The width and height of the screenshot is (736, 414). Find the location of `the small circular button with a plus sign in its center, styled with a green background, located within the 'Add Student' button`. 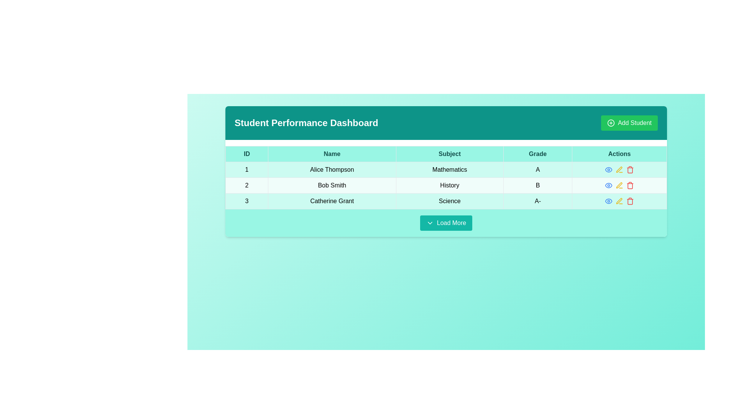

the small circular button with a plus sign in its center, styled with a green background, located within the 'Add Student' button is located at coordinates (610, 122).